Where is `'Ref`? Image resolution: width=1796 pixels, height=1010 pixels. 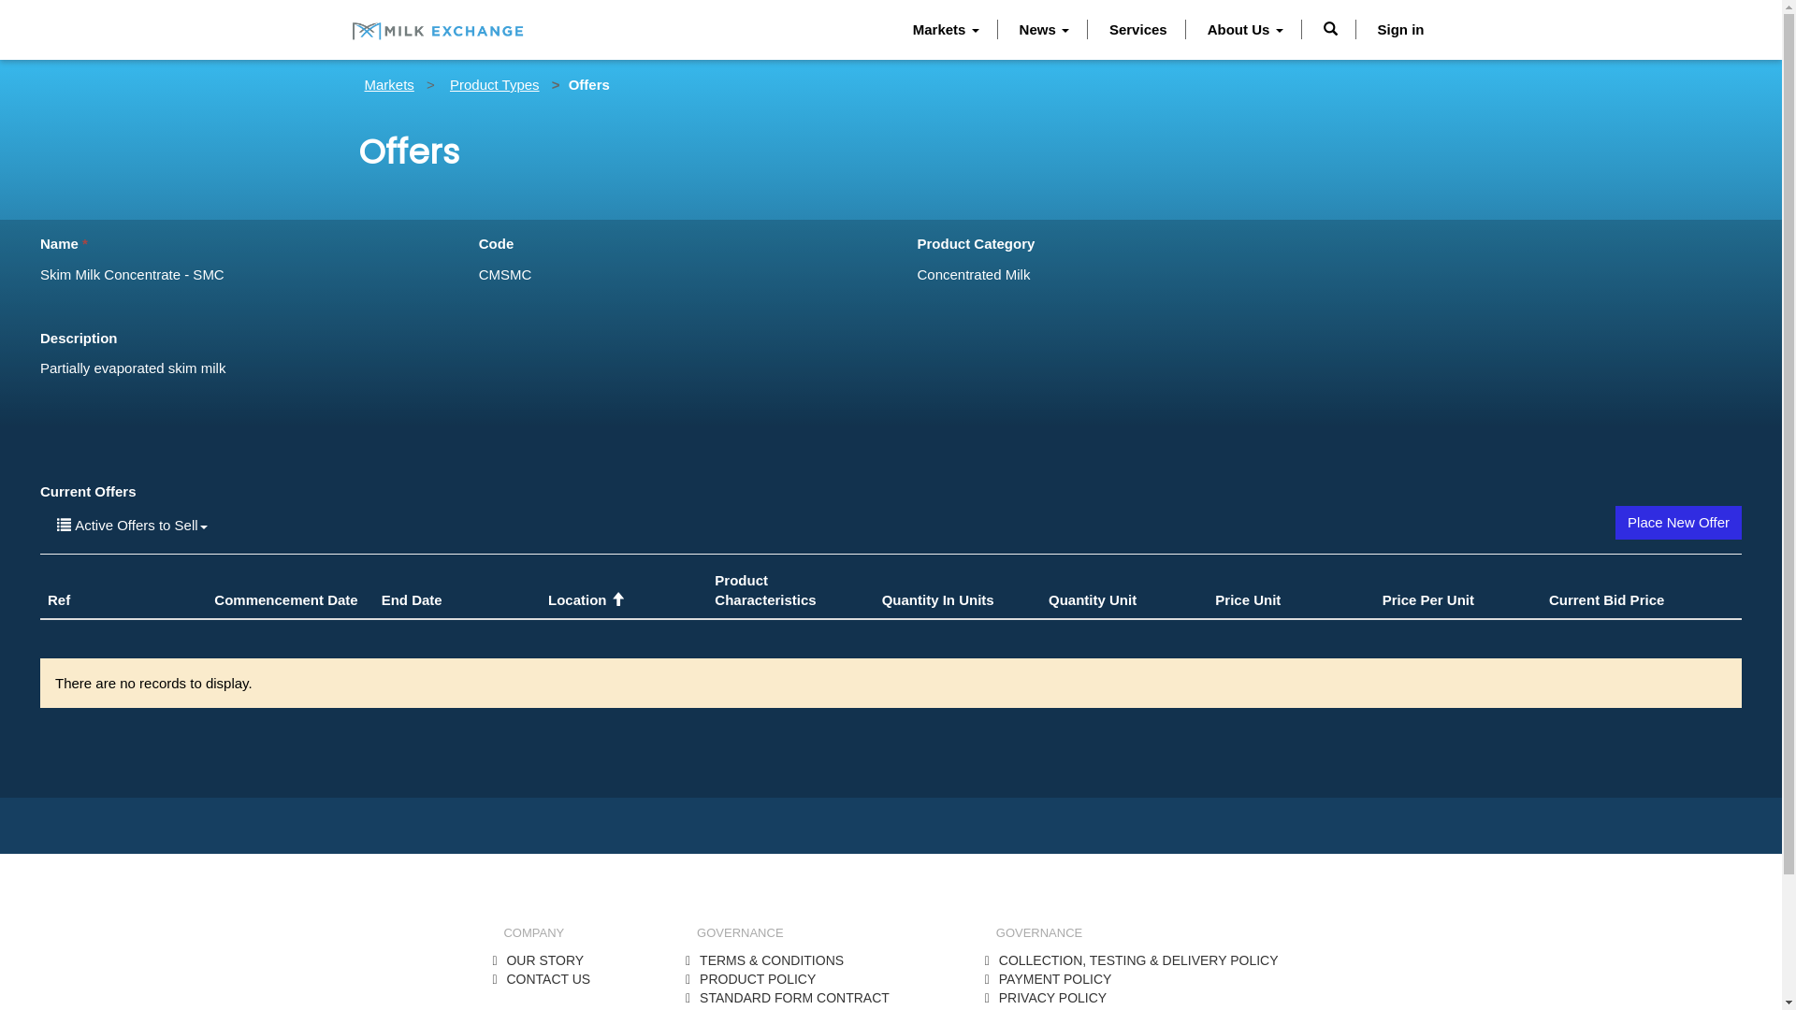 'Ref is located at coordinates (58, 599).